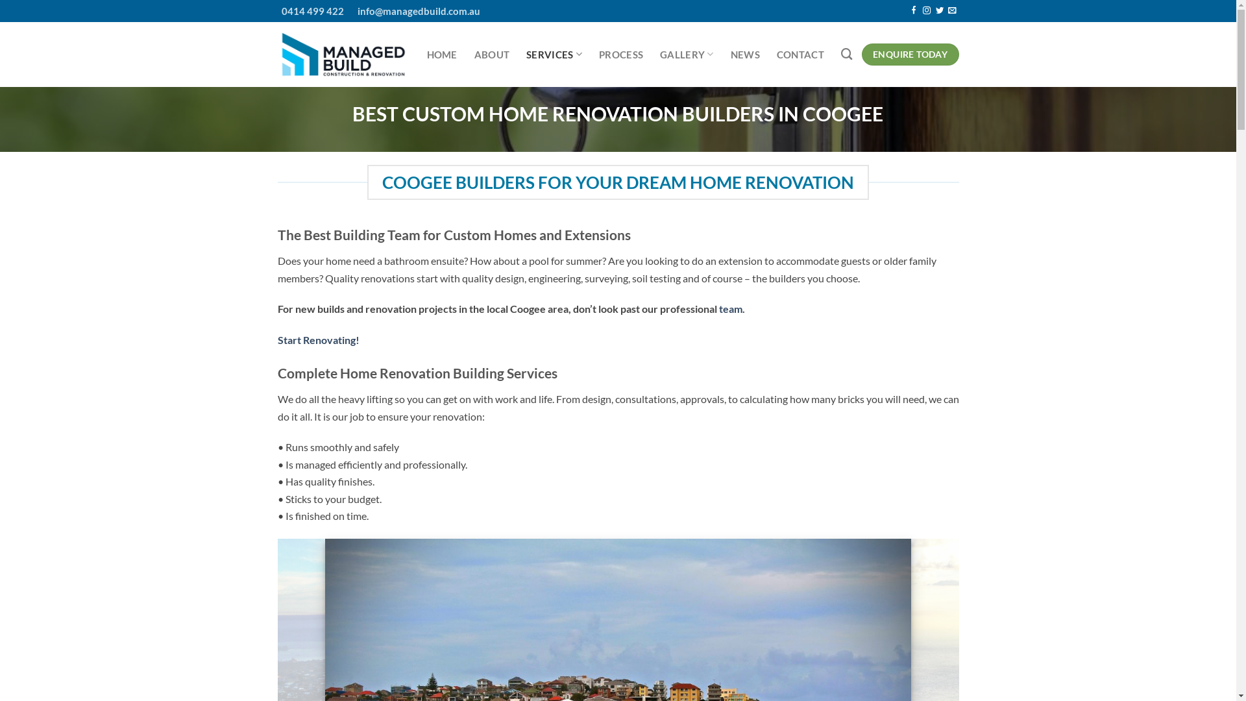 Image resolution: width=1246 pixels, height=701 pixels. I want to click on 'ABOUT', so click(491, 54).